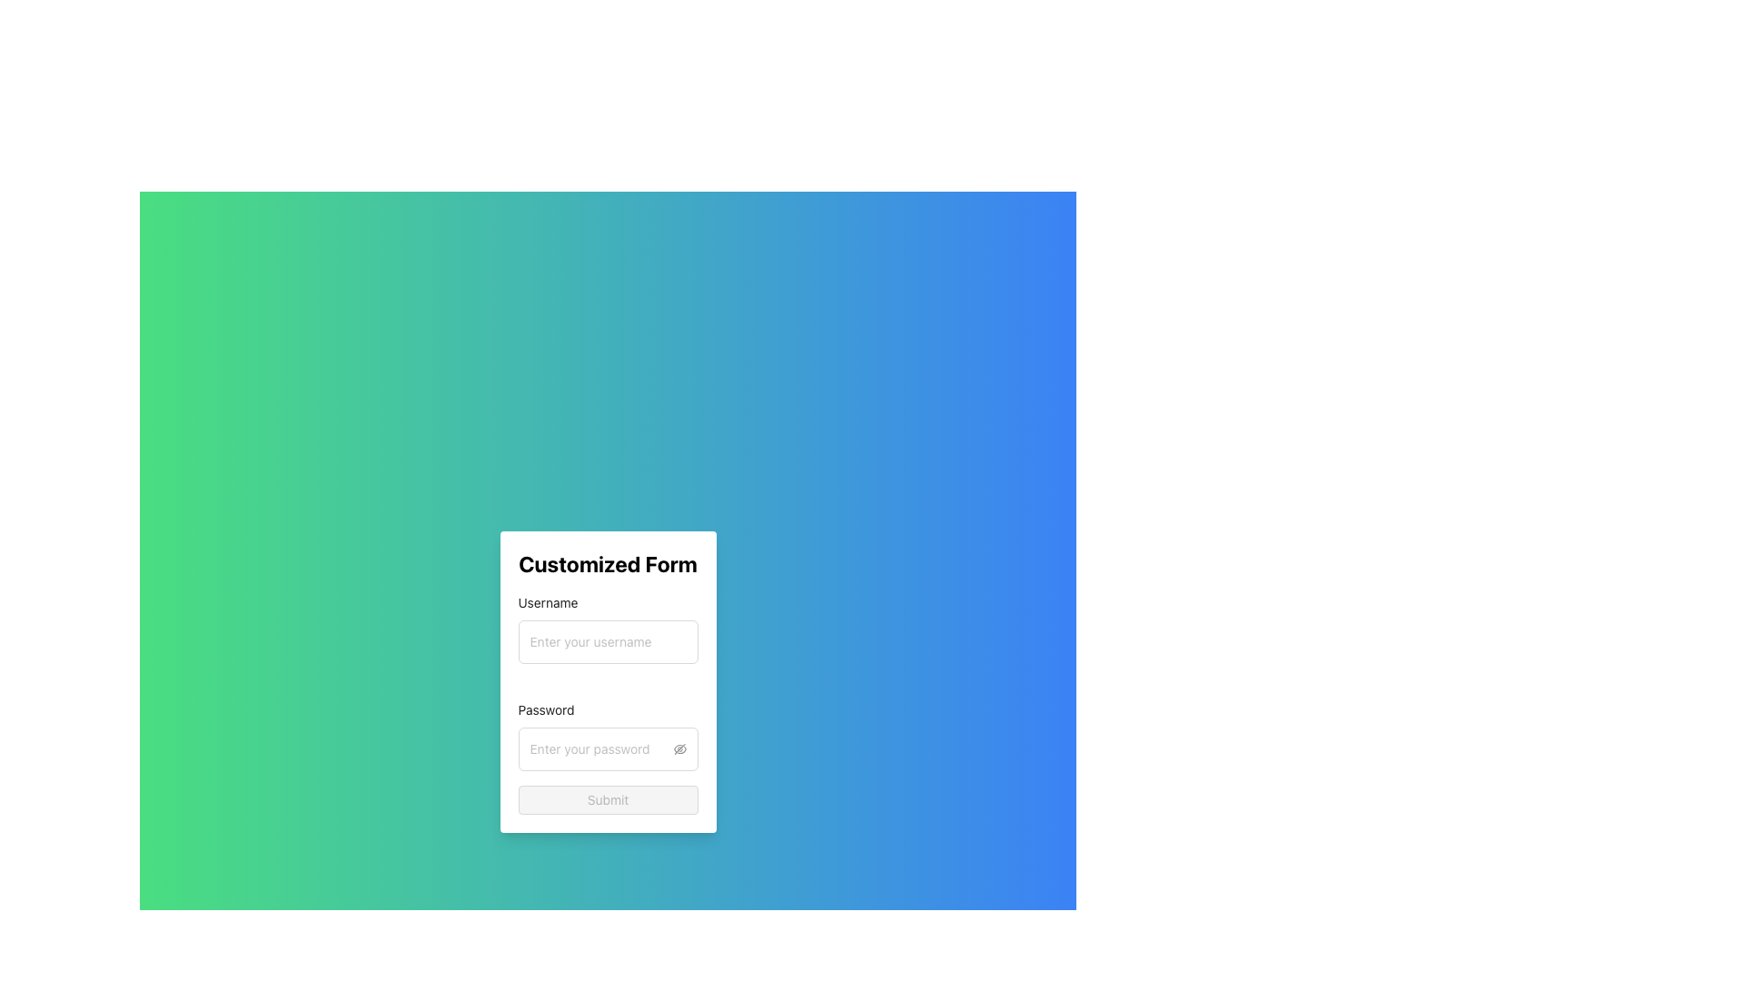 This screenshot has width=1744, height=981. I want to click on the eye icon with a slash through it, located to the right of the password input field, so click(679, 749).